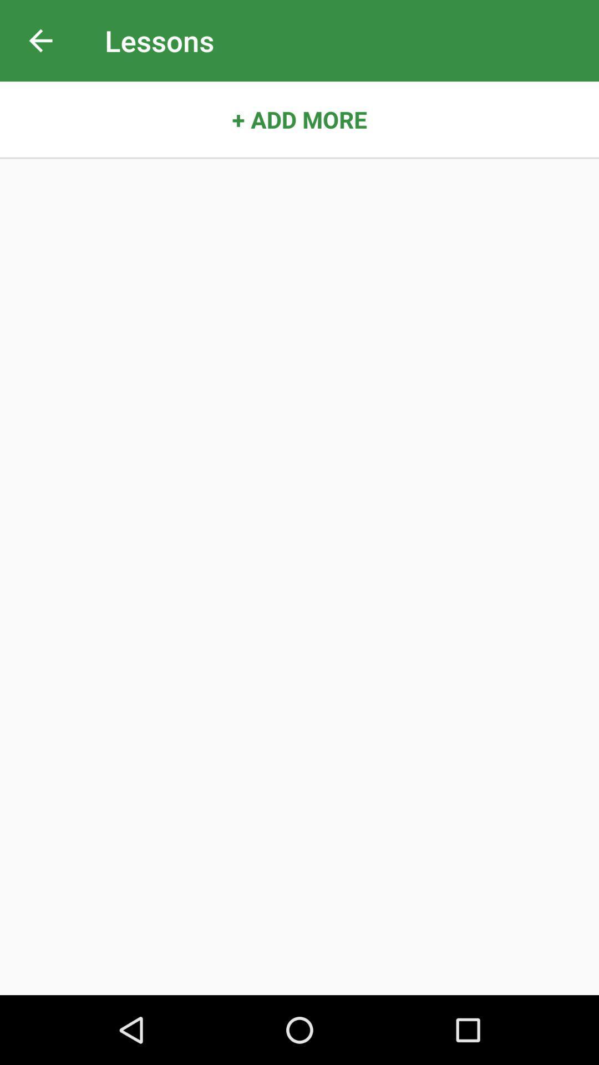 The width and height of the screenshot is (599, 1065). What do you see at coordinates (40, 40) in the screenshot?
I see `item above + add more icon` at bounding box center [40, 40].